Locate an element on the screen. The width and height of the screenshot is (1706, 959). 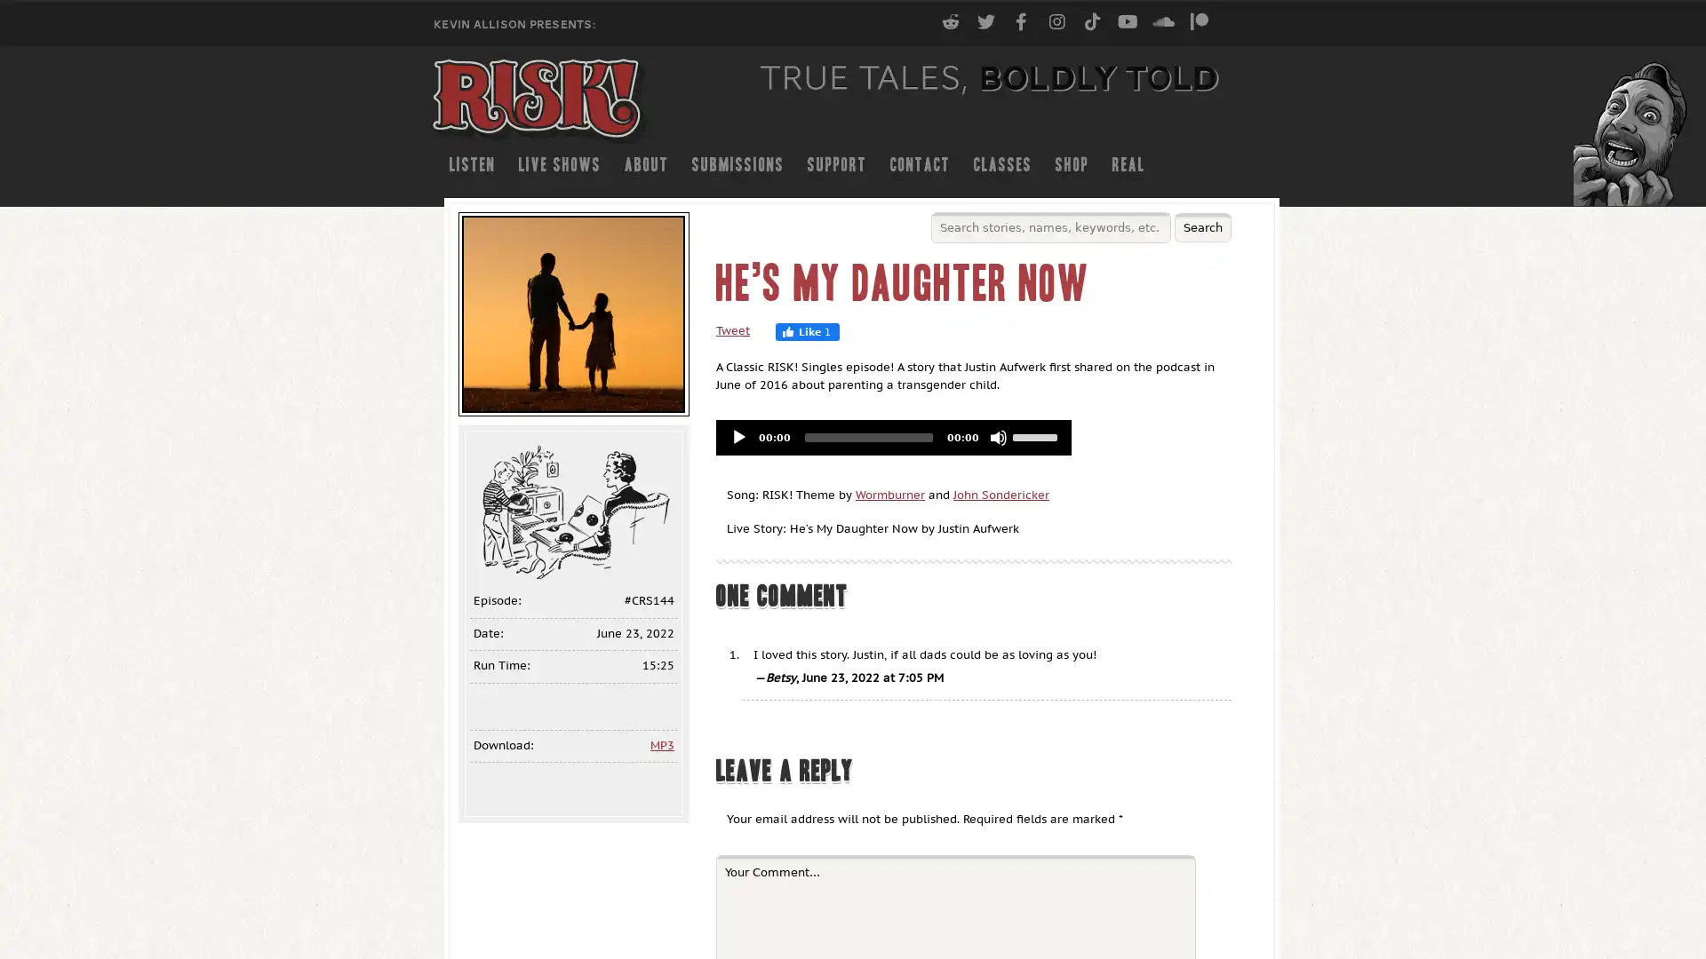
Play is located at coordinates (738, 438).